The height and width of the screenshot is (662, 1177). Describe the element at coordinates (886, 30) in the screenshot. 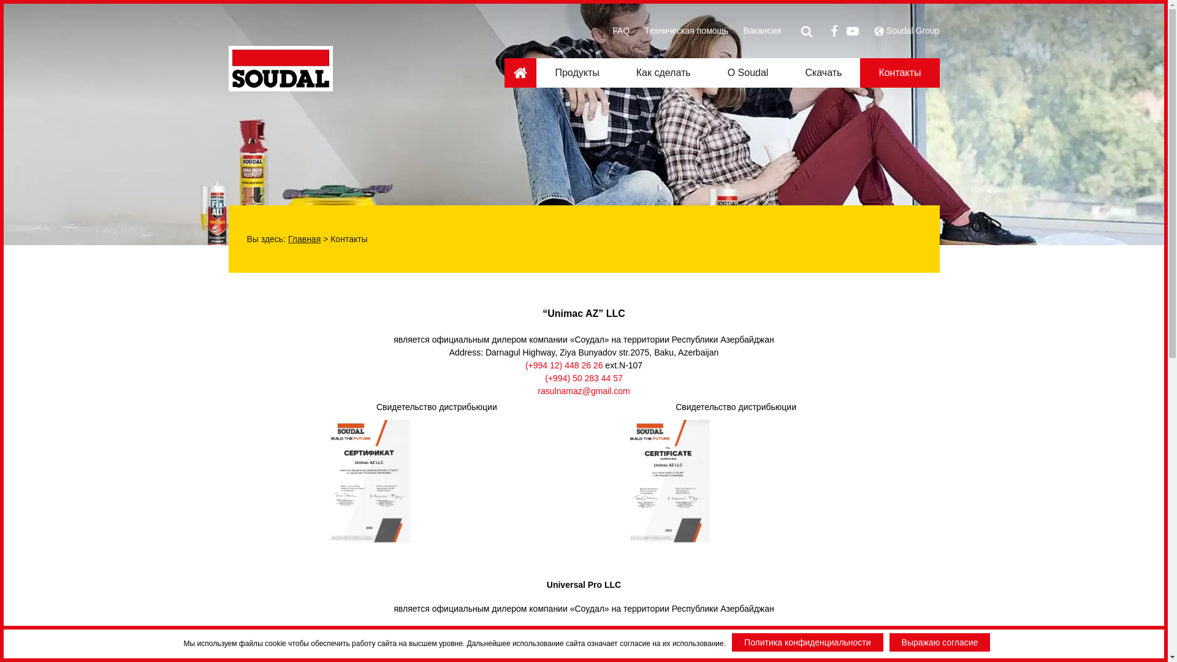

I see `'Soudal Group'` at that location.